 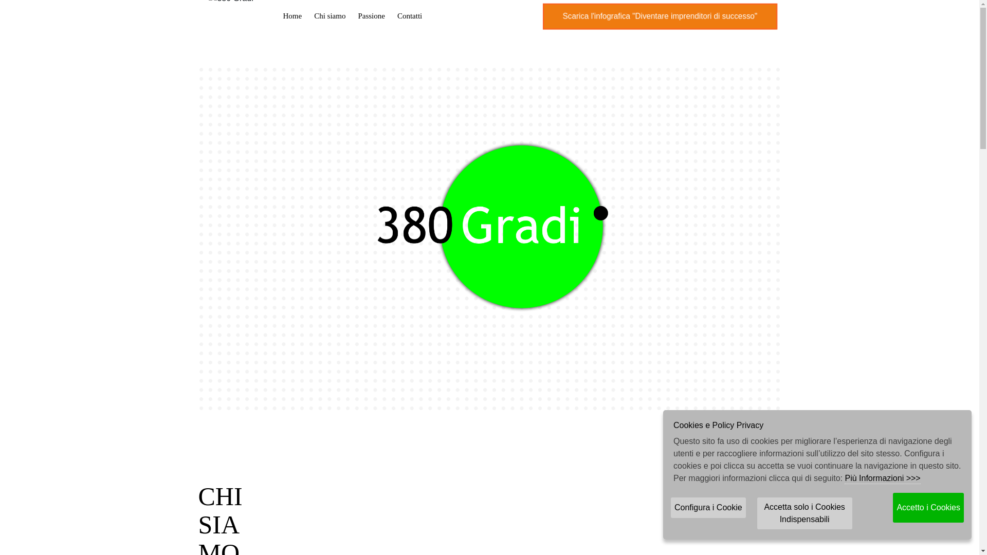 I want to click on 'Accetto i Cookies', so click(x=928, y=507).